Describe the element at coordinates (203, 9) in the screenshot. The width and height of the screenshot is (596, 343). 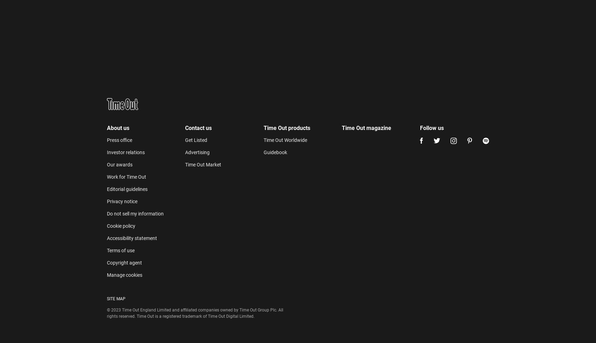
I see `'Time Out Market'` at that location.